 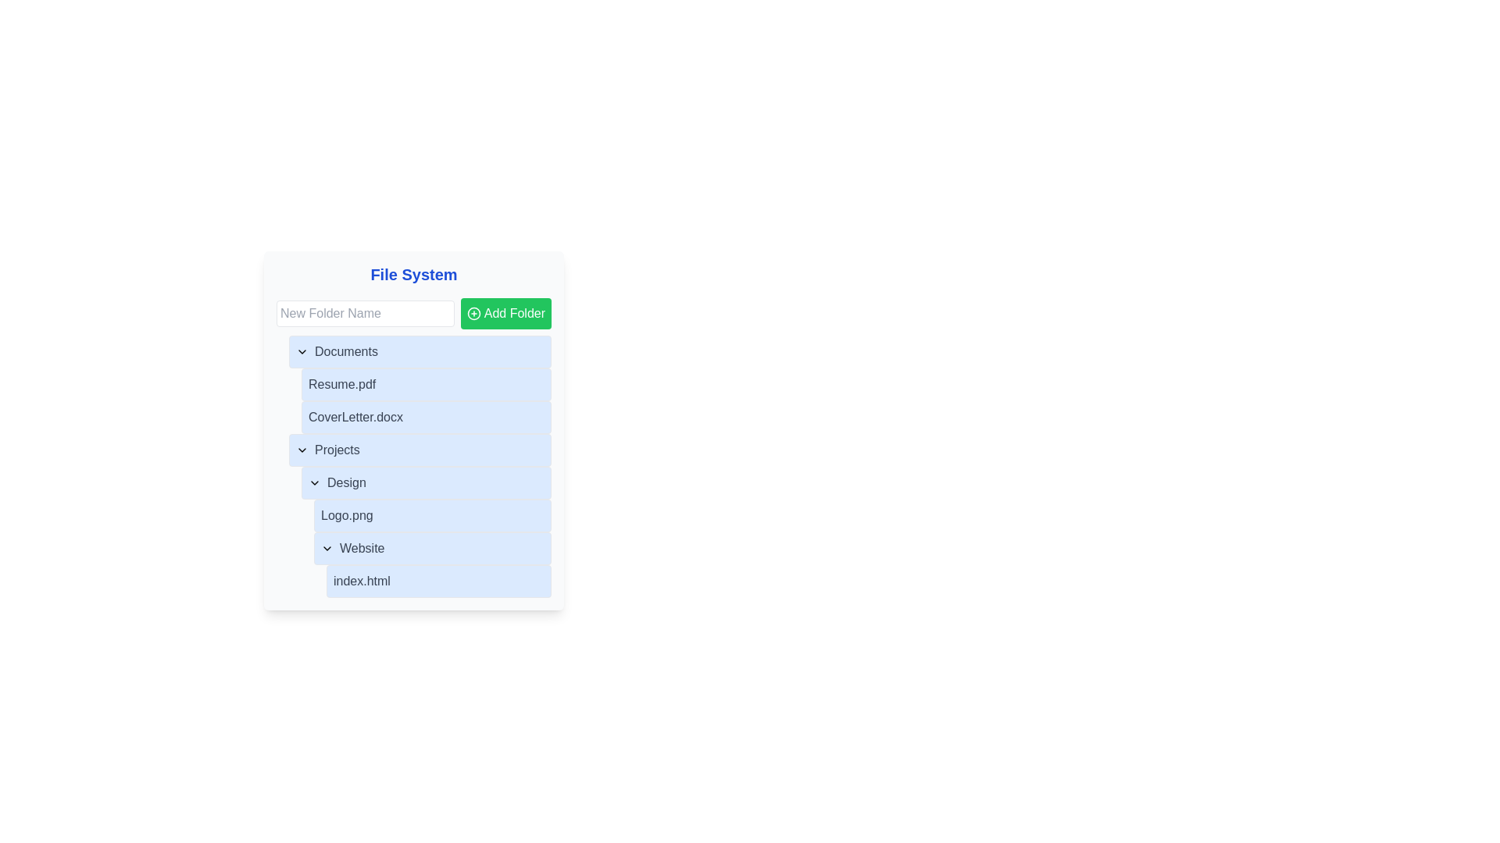 What do you see at coordinates (361, 581) in the screenshot?
I see `on the text label 'index.html' located at the bottom of the 'Website' folder` at bounding box center [361, 581].